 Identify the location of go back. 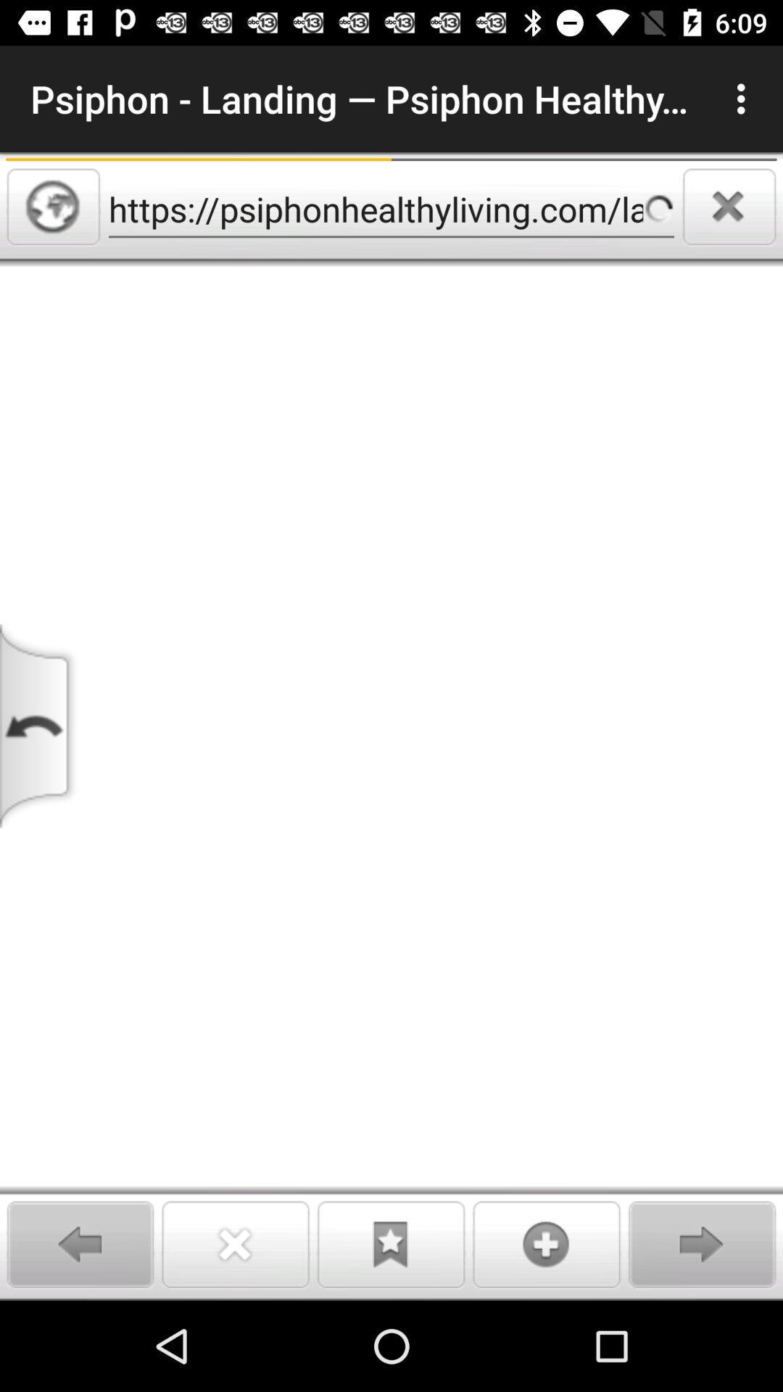
(80, 1243).